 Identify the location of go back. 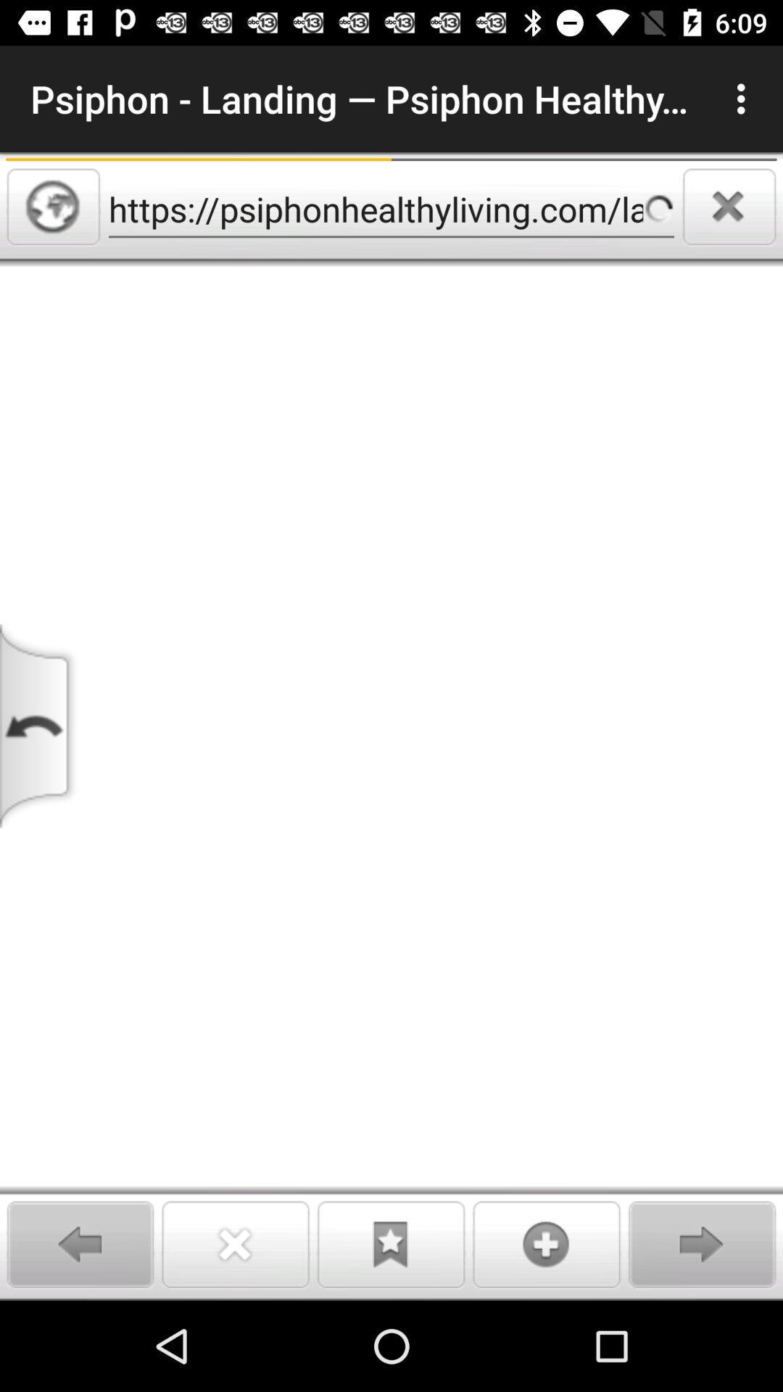
(80, 1243).